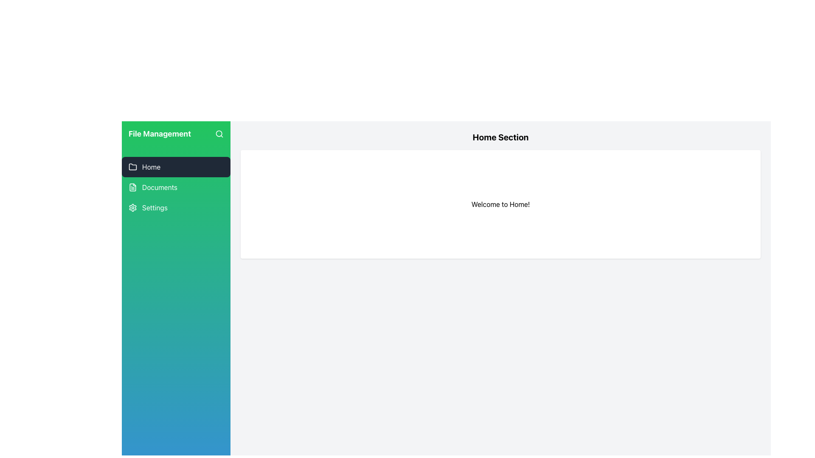 The height and width of the screenshot is (458, 815). I want to click on the folder icon located in the upper section of the 'Home' menu option in the sidebar, which is styled with a simplistic outline and appears in white on a dark background, so click(132, 167).